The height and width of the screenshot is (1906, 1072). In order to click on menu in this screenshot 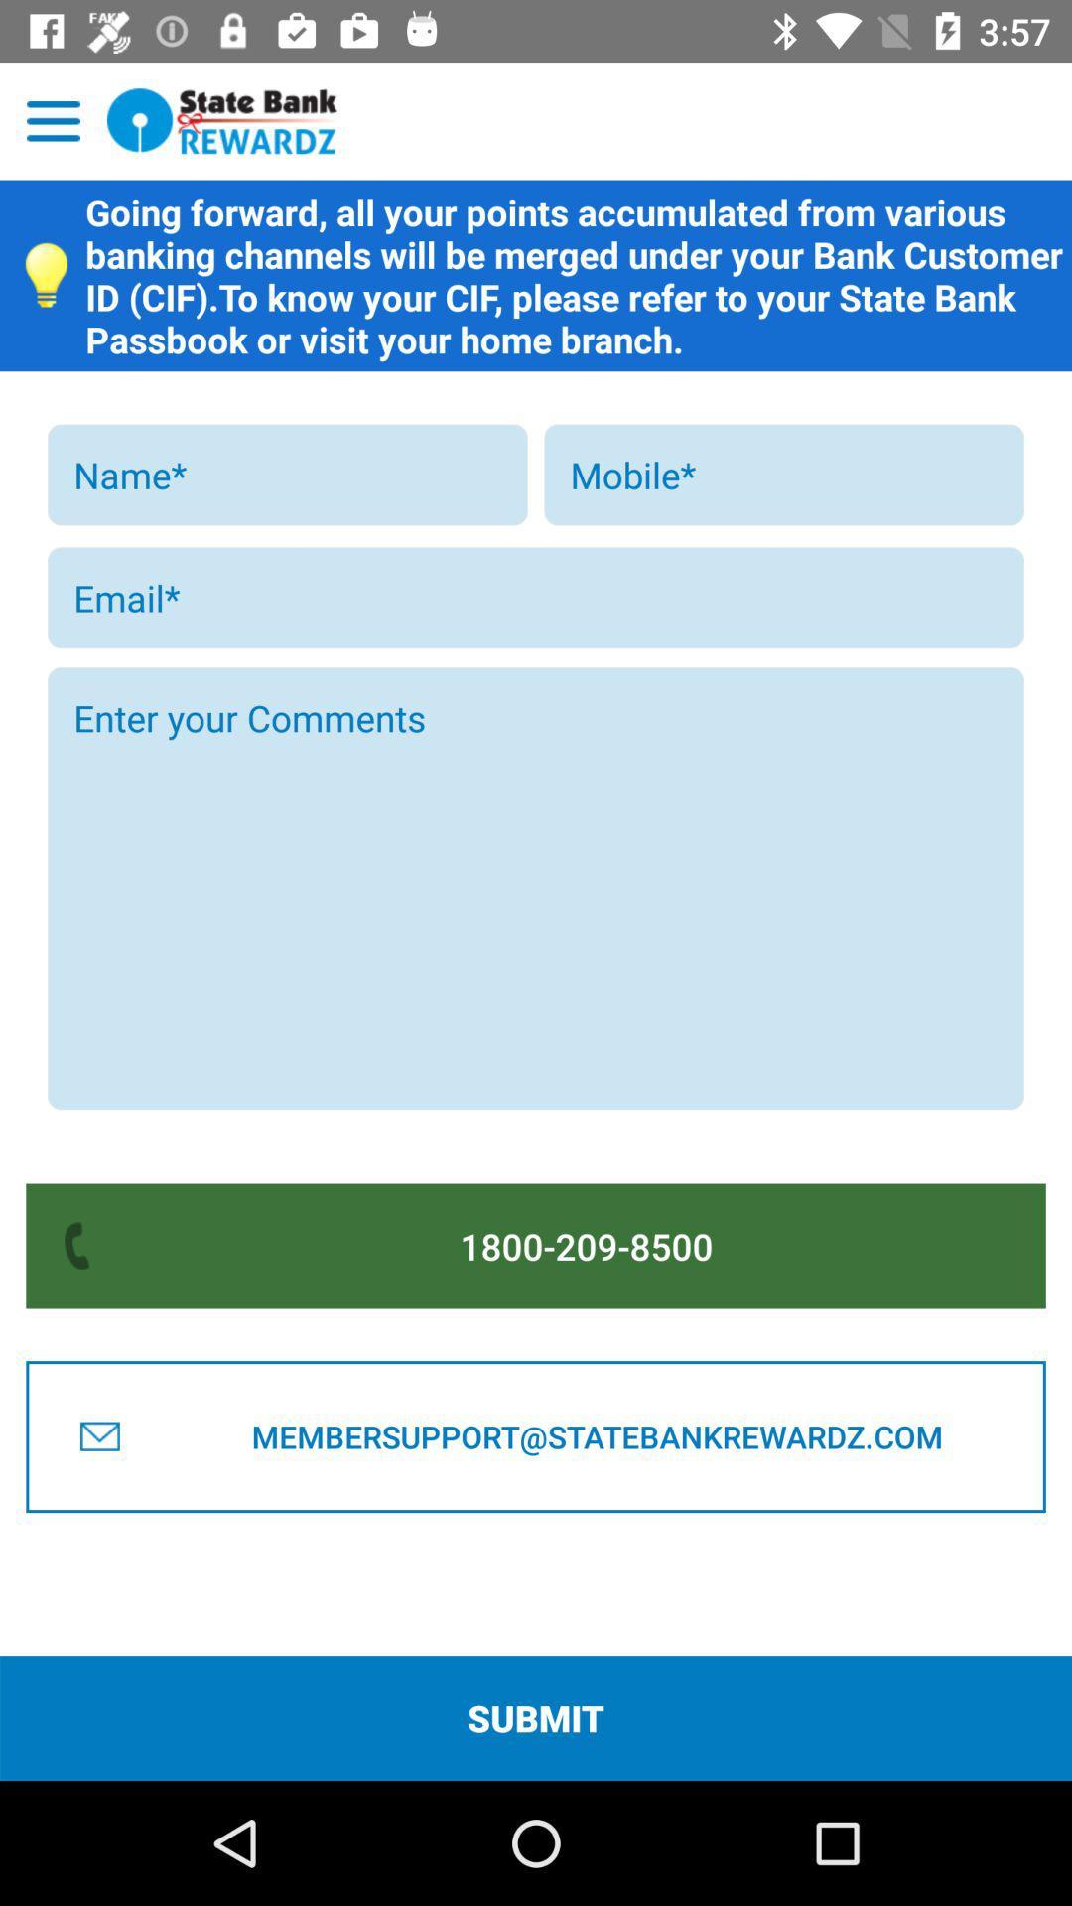, I will do `click(53, 120)`.